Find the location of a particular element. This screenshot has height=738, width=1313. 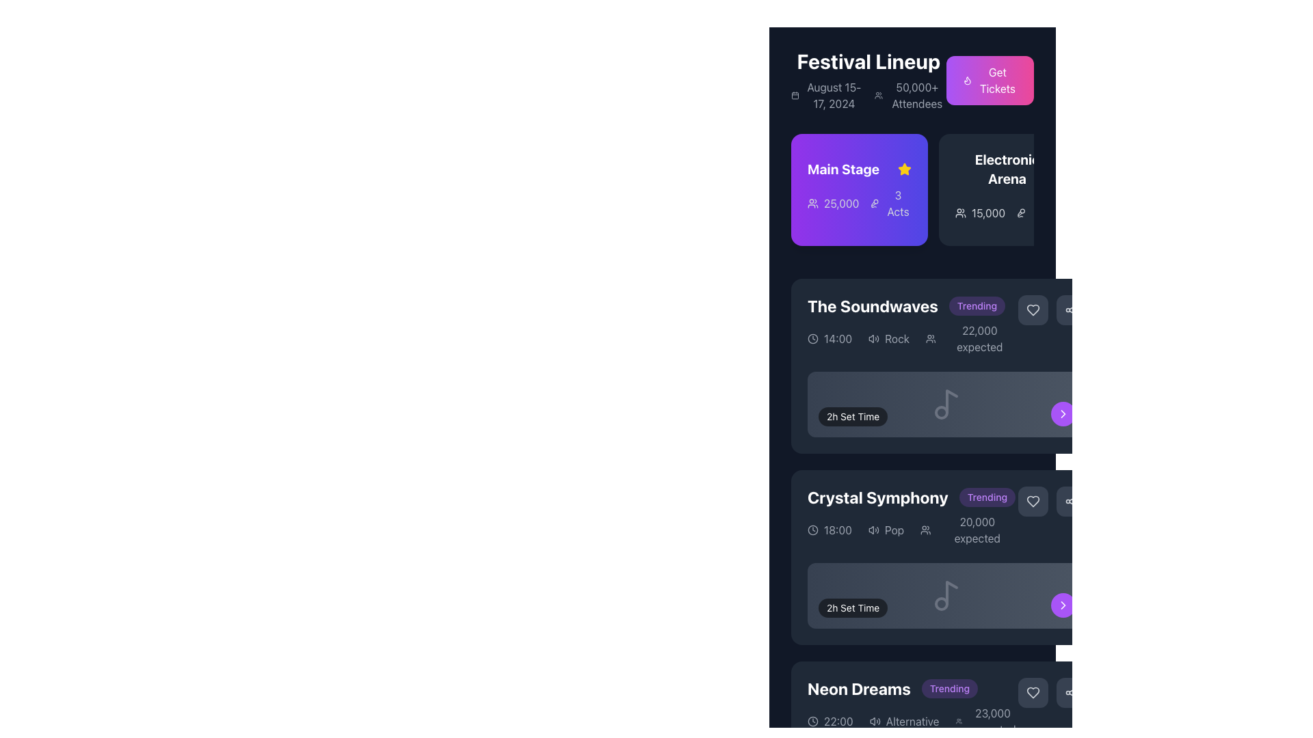

the 'Crystal Symphony' event card located in the third position of the event list is located at coordinates (946, 558).